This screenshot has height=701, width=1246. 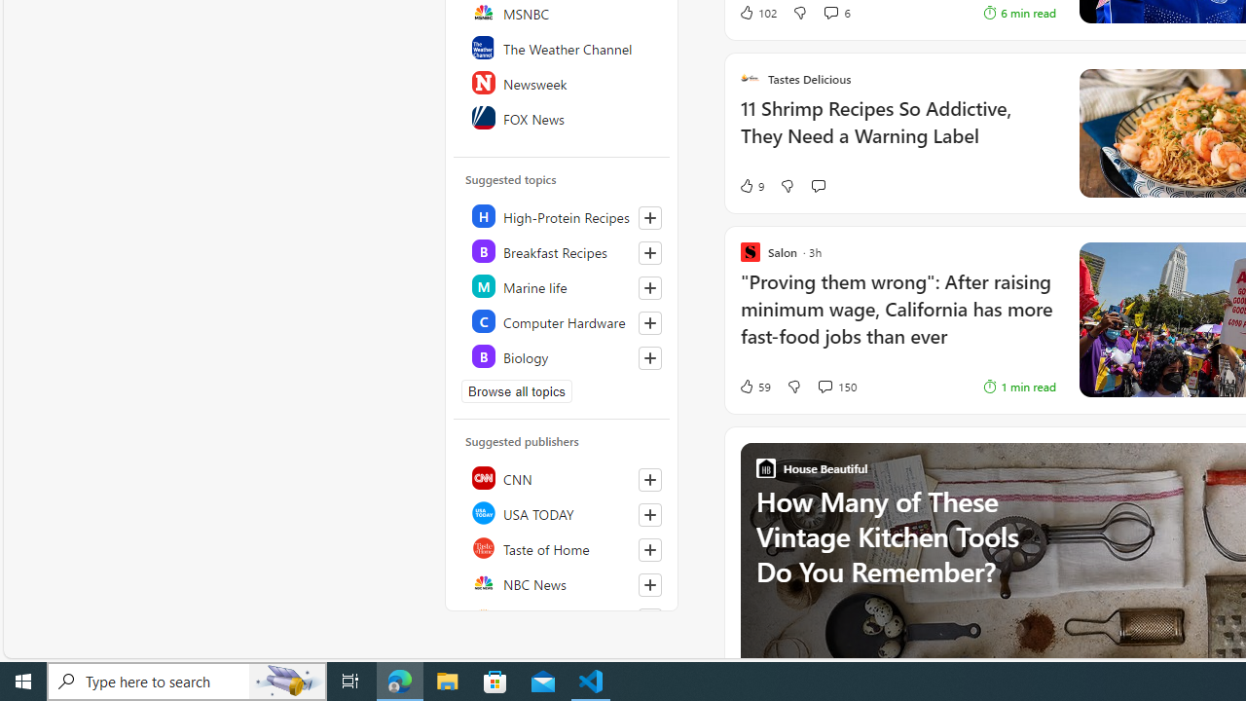 What do you see at coordinates (562, 356) in the screenshot?
I see `'Class: highlight'` at bounding box center [562, 356].